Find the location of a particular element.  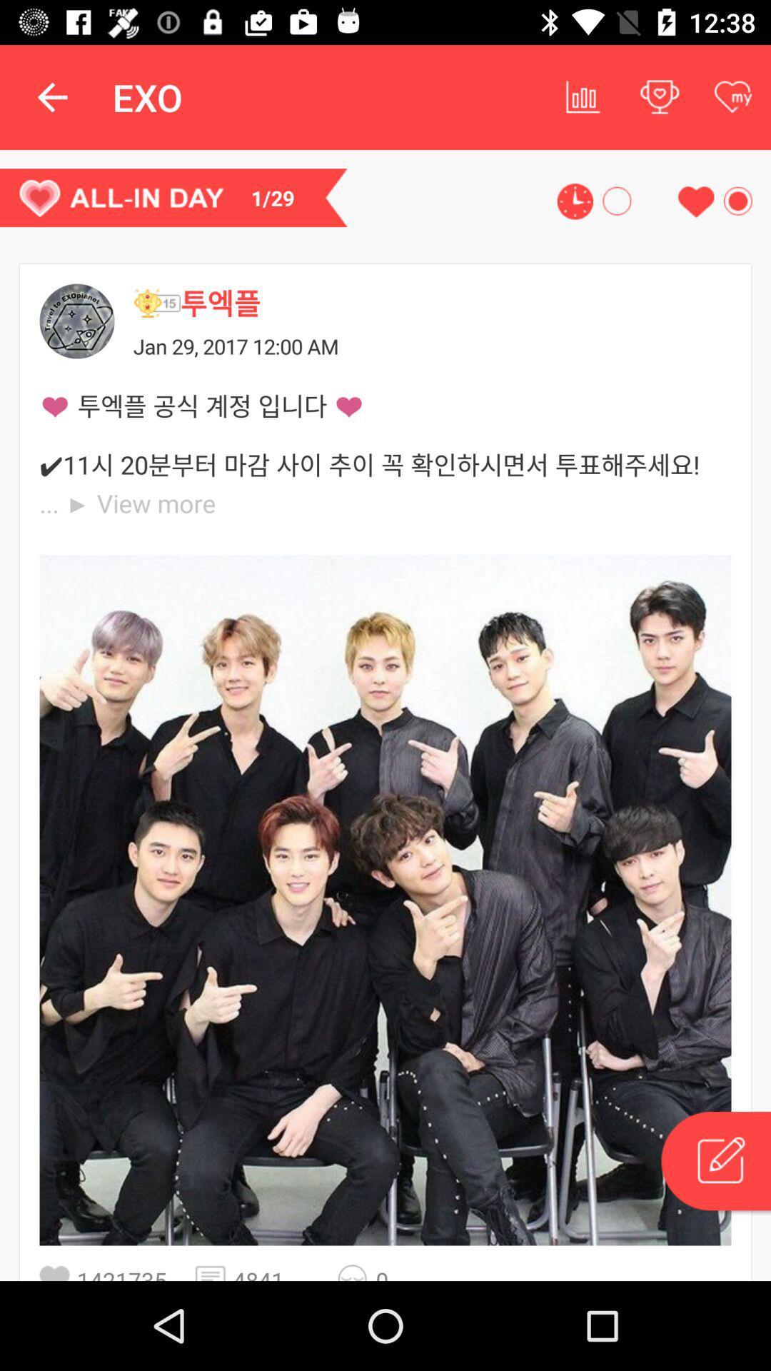

the icon next to the exo item is located at coordinates (51, 96).